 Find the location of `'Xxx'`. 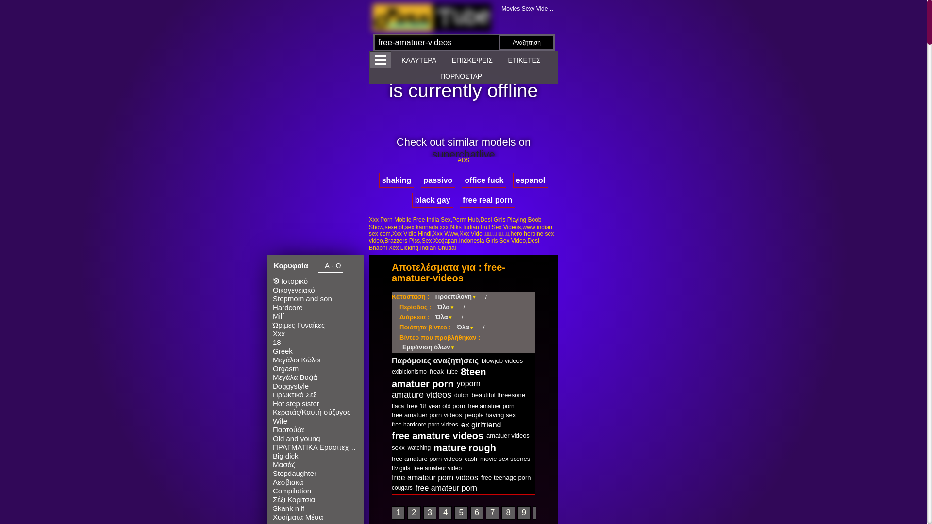

'Xxx' is located at coordinates (315, 333).